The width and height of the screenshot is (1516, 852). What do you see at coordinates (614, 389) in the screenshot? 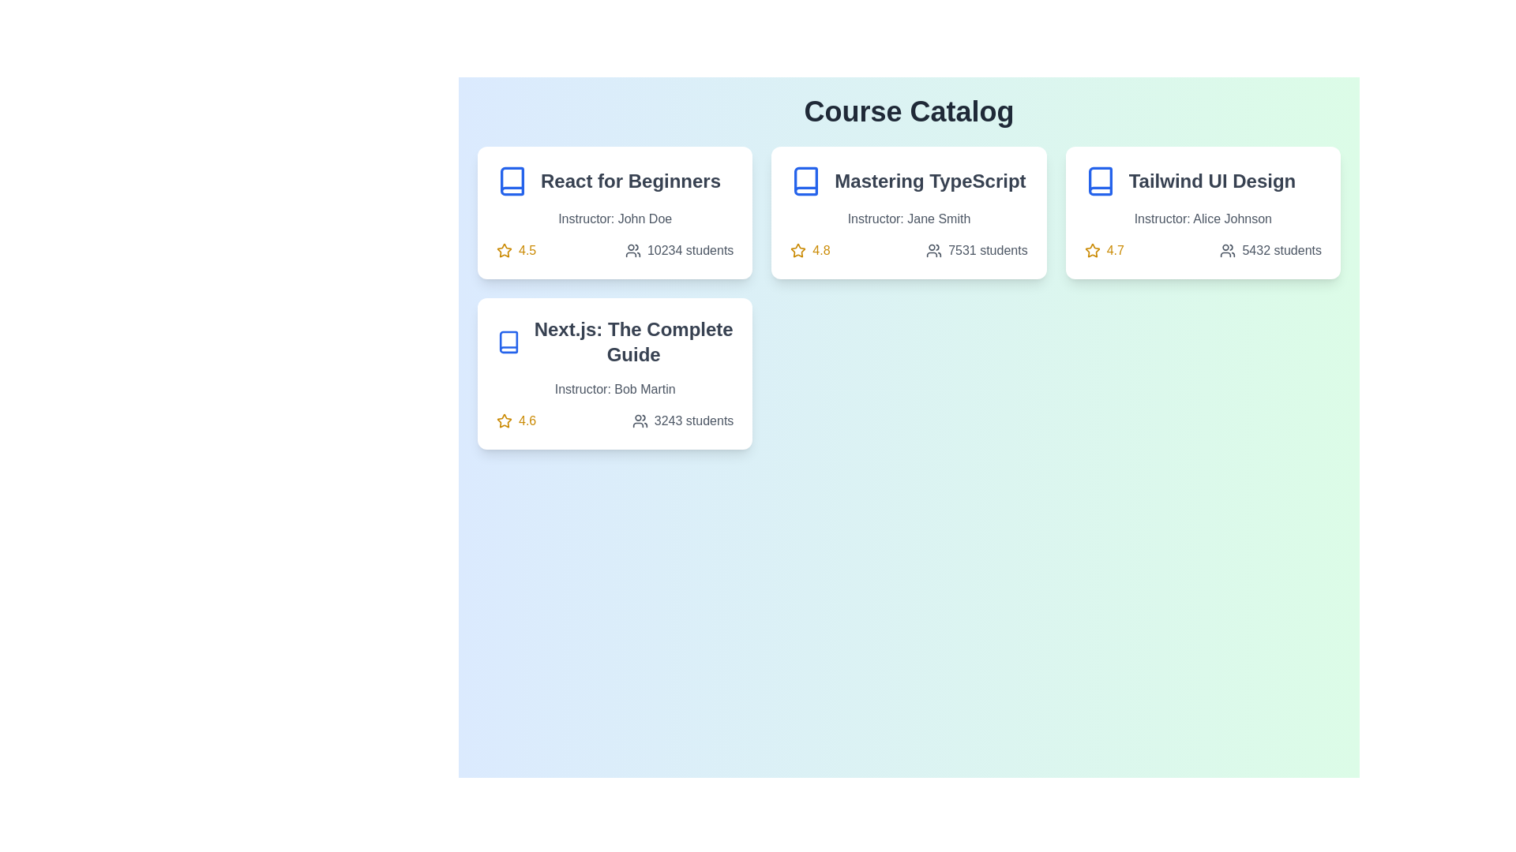
I see `instructor's name displayed in gray text beneath the course title 'Next.js: The Complete Guide' within the second card of the leftmost column in the grid layout` at bounding box center [614, 389].